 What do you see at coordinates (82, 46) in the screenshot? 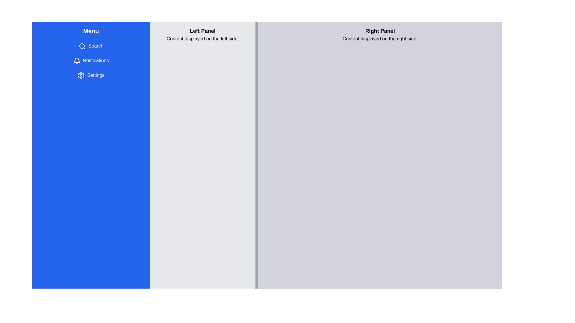
I see `the magnifying glass icon in the blue sidebar to initiate a search action` at bounding box center [82, 46].